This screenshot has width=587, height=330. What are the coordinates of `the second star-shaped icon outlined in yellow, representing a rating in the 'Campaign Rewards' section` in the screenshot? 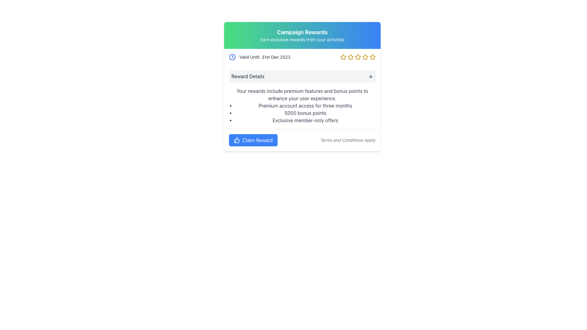 It's located at (351, 57).